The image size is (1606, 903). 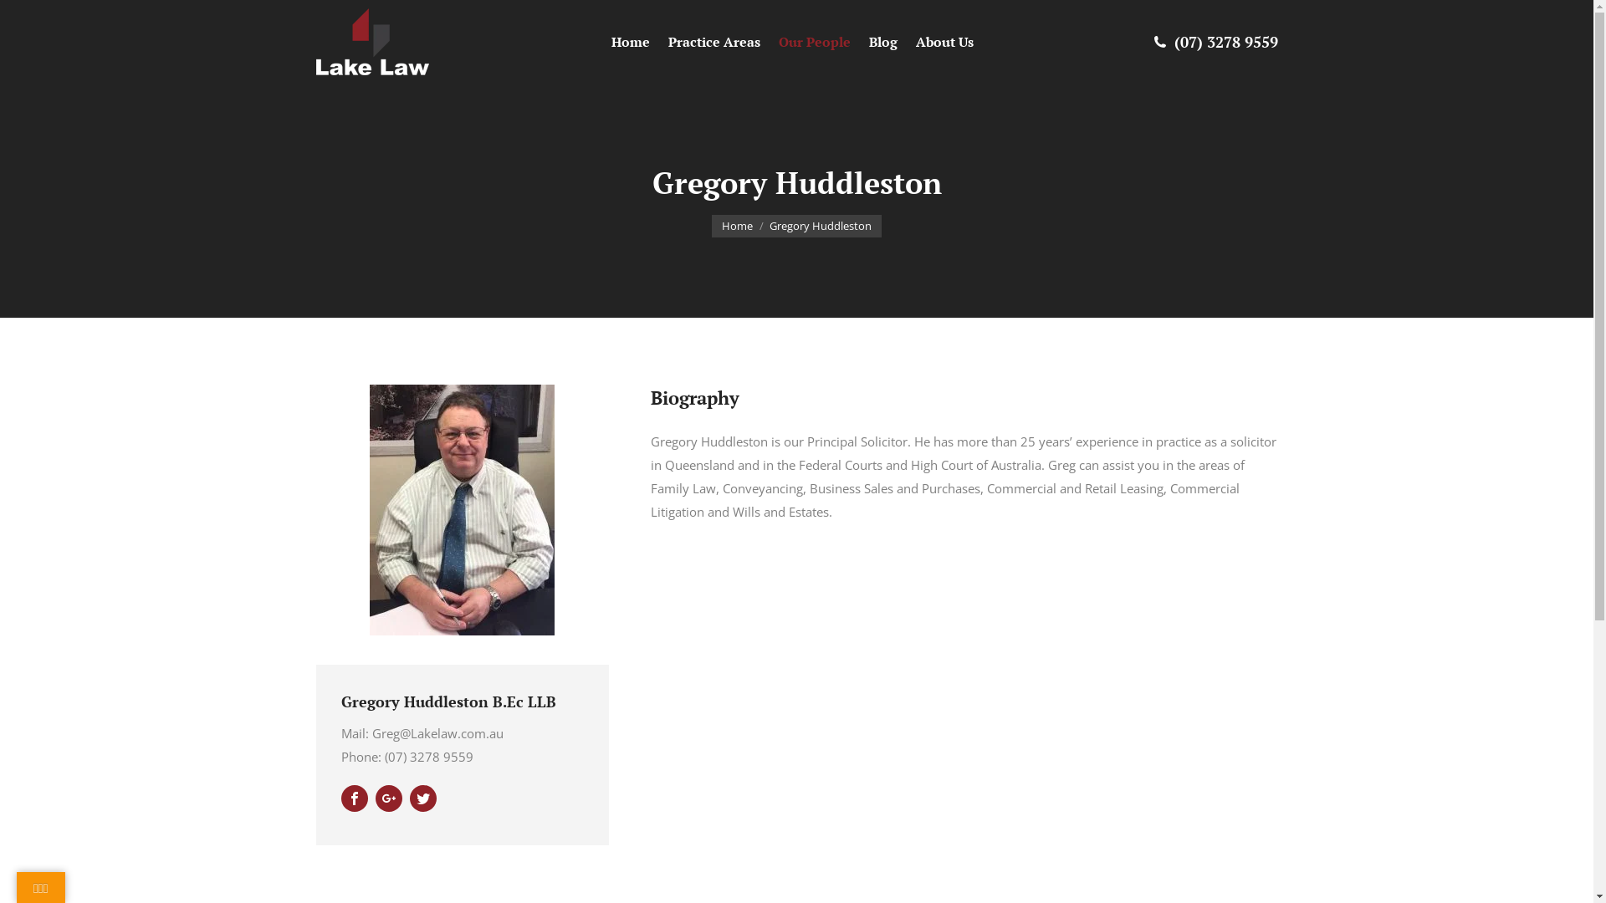 What do you see at coordinates (883, 41) in the screenshot?
I see `'Blog'` at bounding box center [883, 41].